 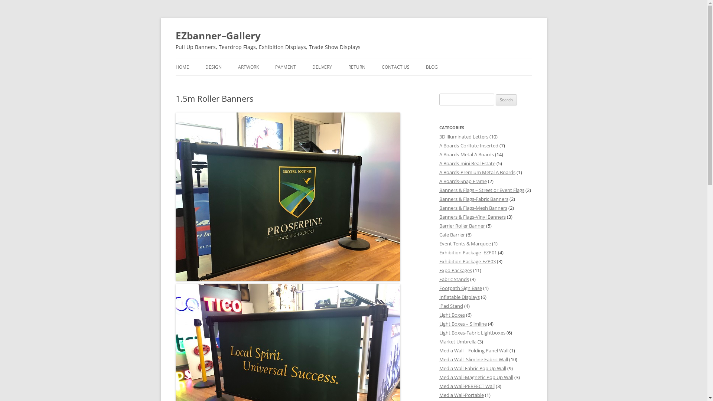 What do you see at coordinates (473, 359) in the screenshot?
I see `'Media Wall- Slimline Fabric Wall'` at bounding box center [473, 359].